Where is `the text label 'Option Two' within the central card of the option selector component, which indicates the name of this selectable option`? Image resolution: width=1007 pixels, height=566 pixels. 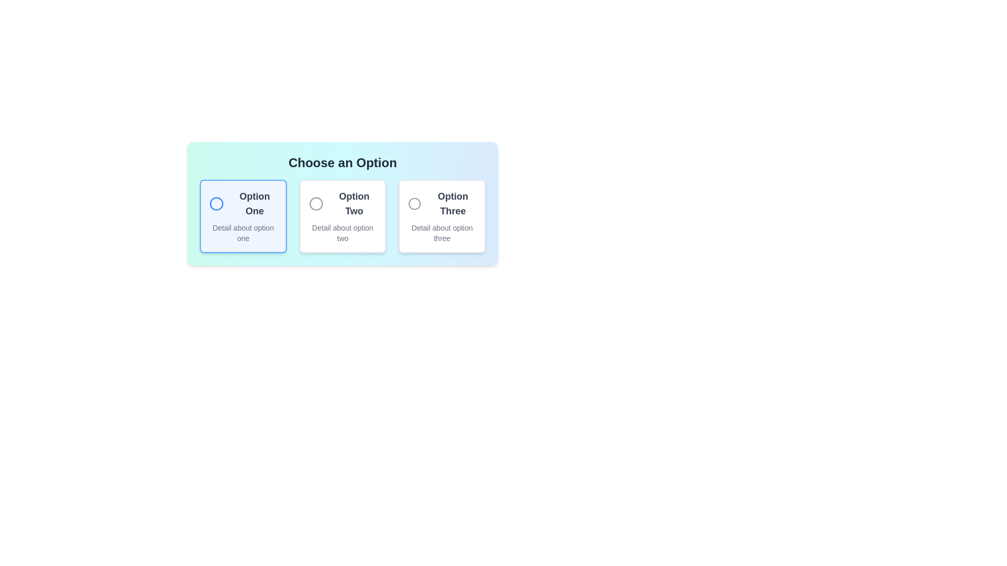 the text label 'Option Two' within the central card of the option selector component, which indicates the name of this selectable option is located at coordinates (342, 204).